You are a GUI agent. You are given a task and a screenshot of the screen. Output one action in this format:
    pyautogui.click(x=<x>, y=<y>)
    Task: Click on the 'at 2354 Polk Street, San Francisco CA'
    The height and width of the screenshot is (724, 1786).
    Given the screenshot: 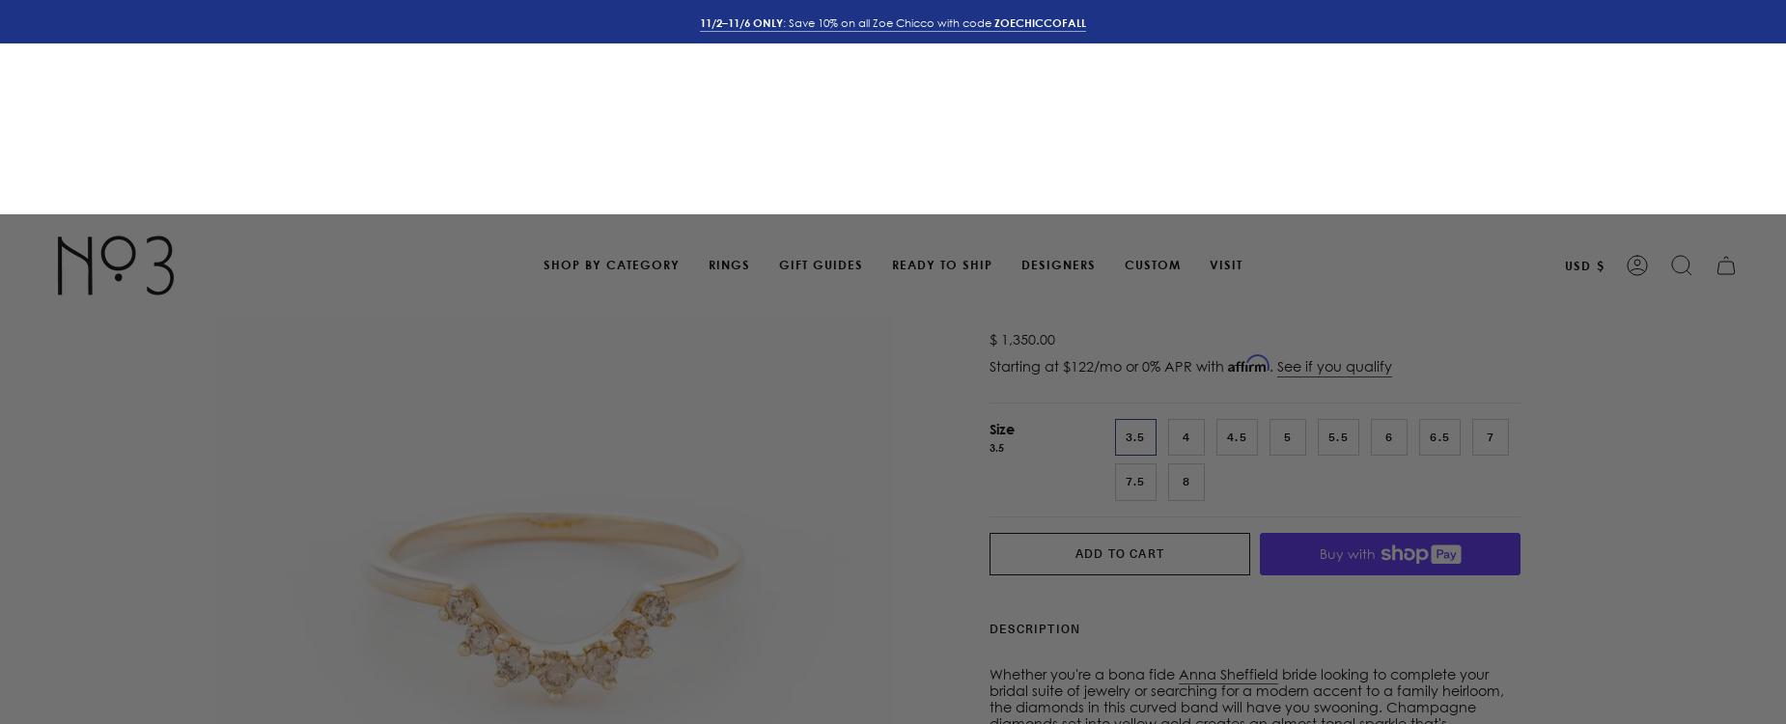 What is the action you would take?
    pyautogui.click(x=1158, y=703)
    